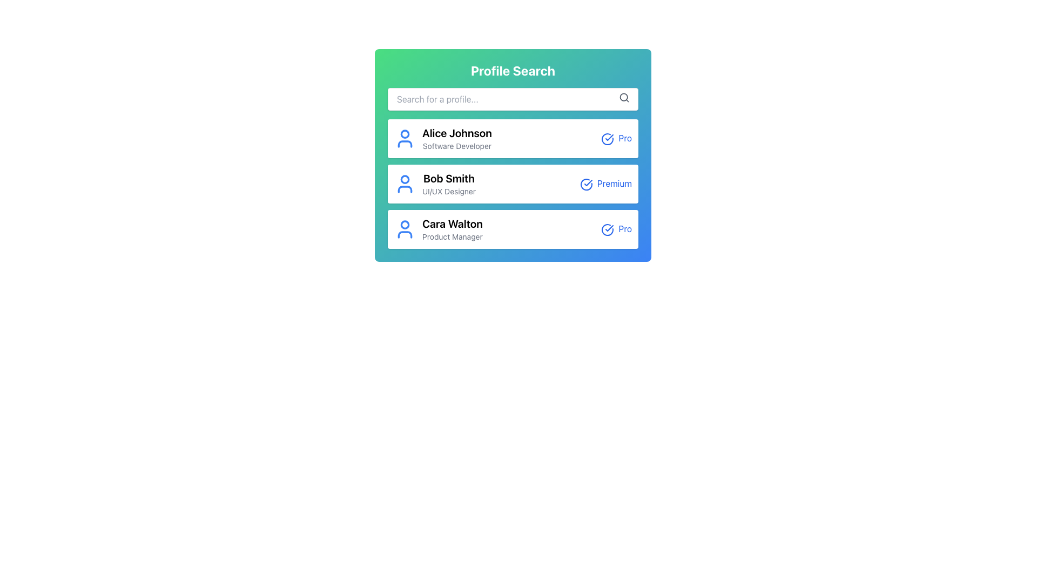 This screenshot has width=1037, height=583. Describe the element at coordinates (585, 184) in the screenshot. I see `the circular hollow icon with a checkmark inside, located to the right of the text 'Bob Smith', indicating 'Premium' status` at that location.